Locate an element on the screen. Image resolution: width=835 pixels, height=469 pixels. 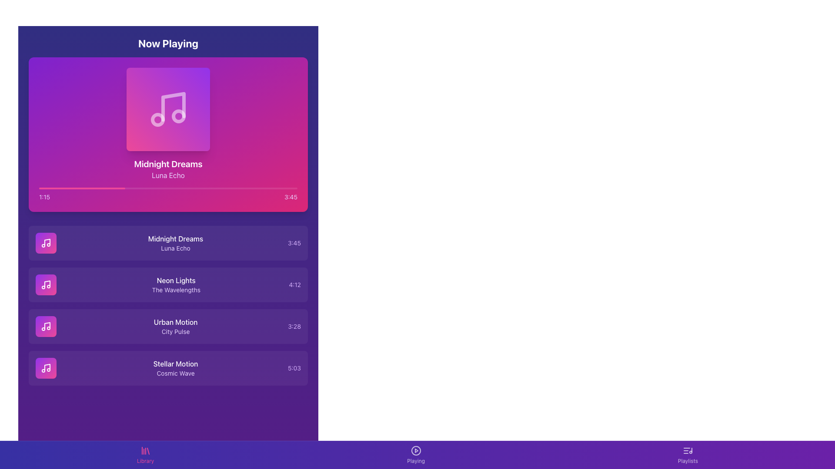
the musical note icon on the Now Playing view, which is styled in light color on a gradient pink and purple background is located at coordinates (168, 109).